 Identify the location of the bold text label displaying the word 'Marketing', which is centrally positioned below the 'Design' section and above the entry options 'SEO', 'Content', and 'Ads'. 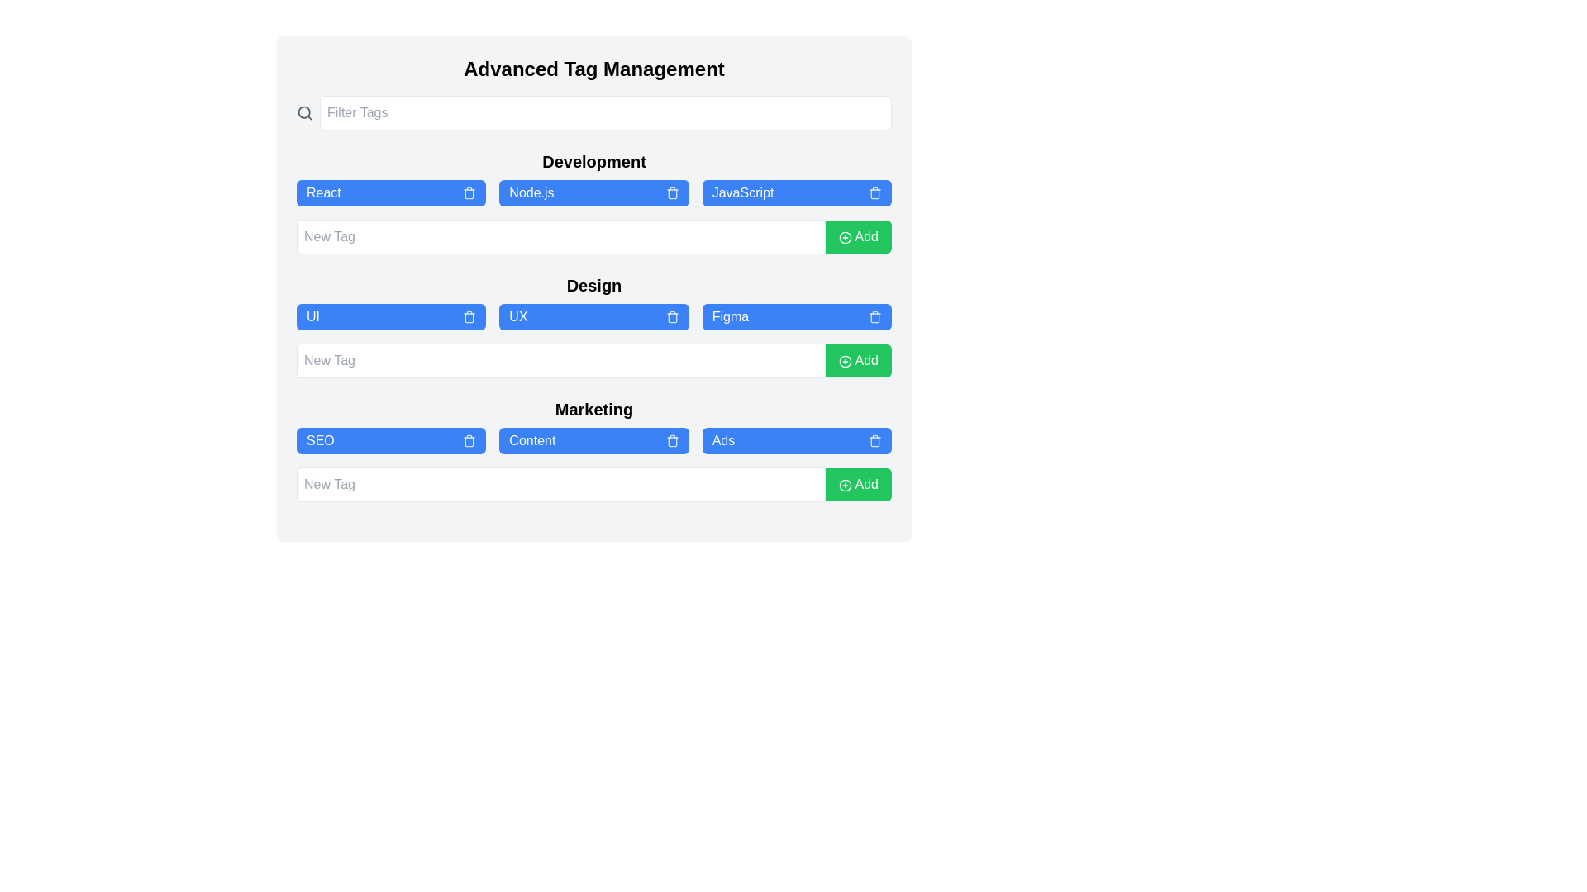
(594, 409).